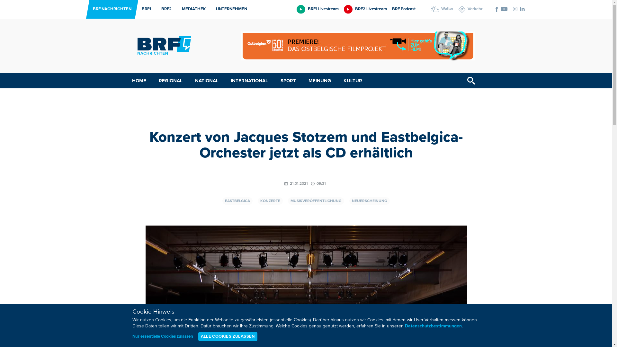 The height and width of the screenshot is (347, 617). I want to click on 'BRF Podcast', so click(403, 9).